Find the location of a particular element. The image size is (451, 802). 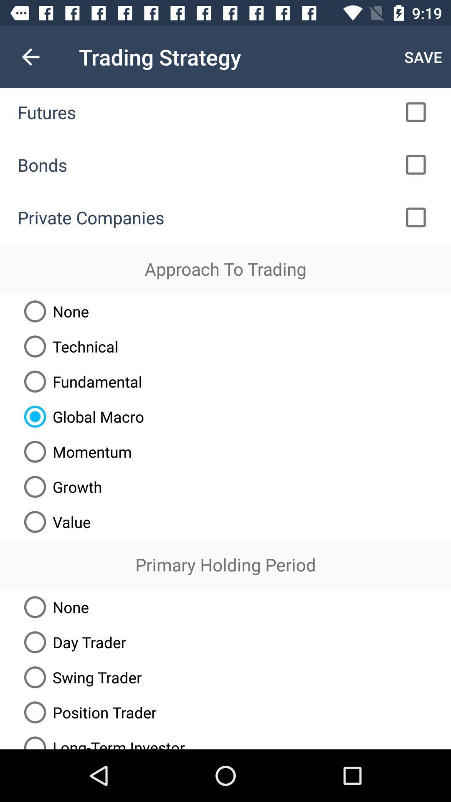

item above the long-term investor item is located at coordinates (87, 712).